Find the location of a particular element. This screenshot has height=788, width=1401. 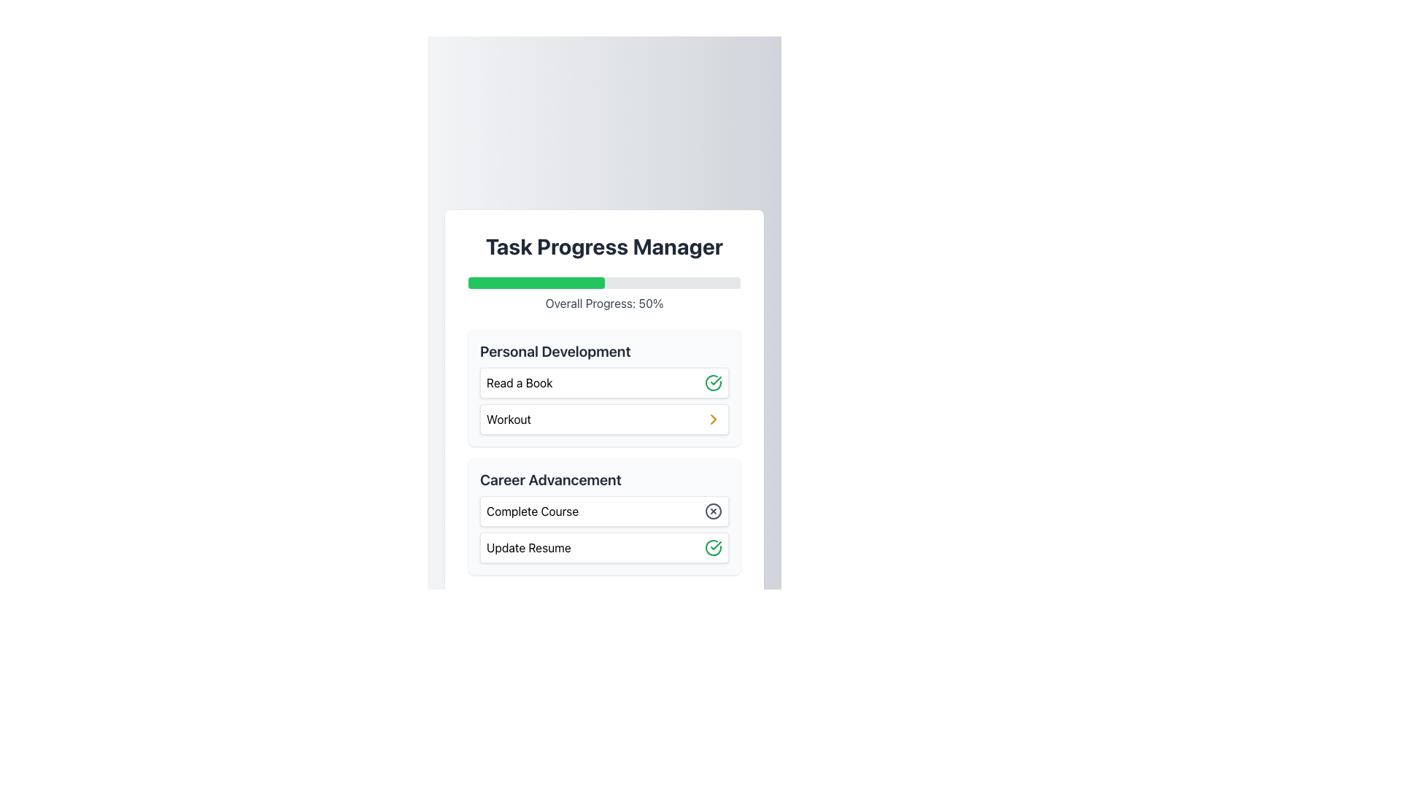

the small rightward-facing chevron icon with a yellow stroke located beside the 'Workout' label in the 'Workout' sub-section of the 'Personal Development' category is located at coordinates (714, 419).